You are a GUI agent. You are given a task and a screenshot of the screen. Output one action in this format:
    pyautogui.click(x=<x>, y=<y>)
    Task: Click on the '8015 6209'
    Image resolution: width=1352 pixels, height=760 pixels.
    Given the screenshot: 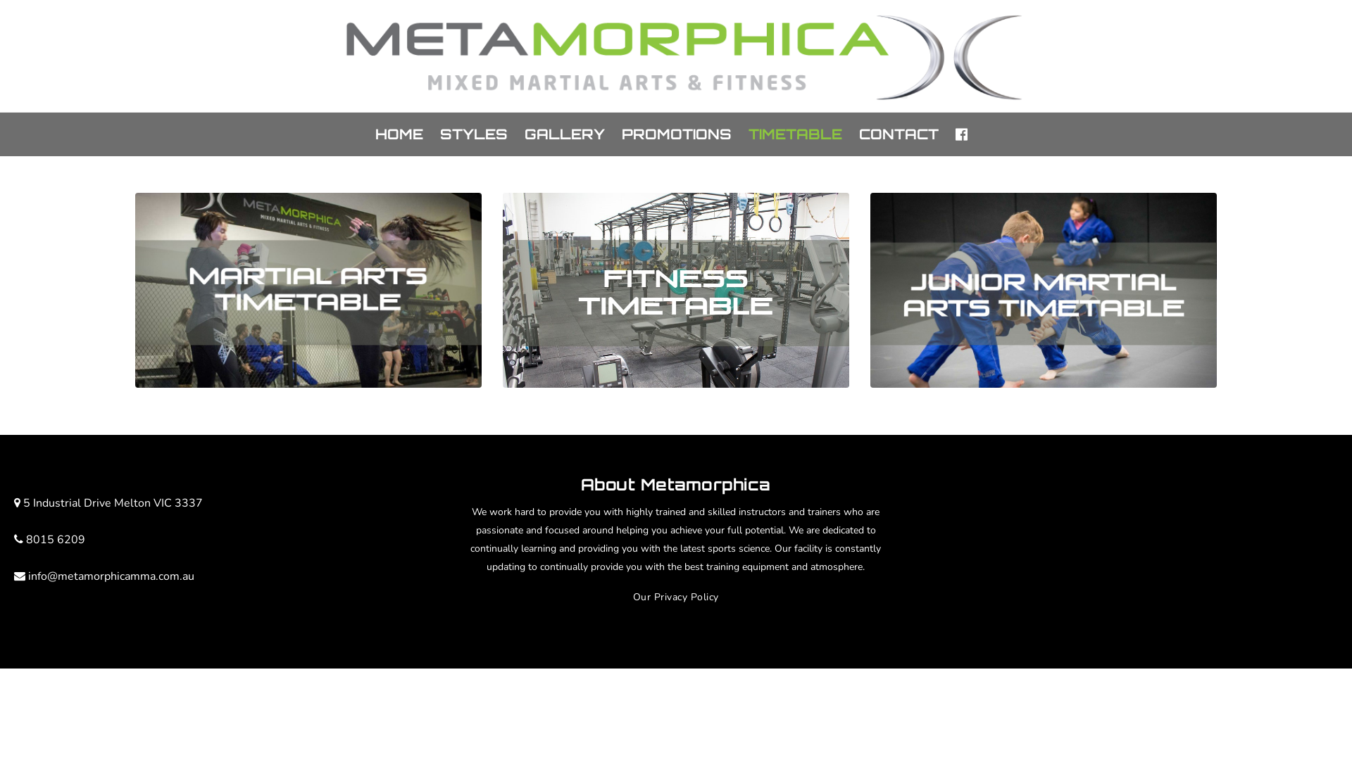 What is the action you would take?
    pyautogui.click(x=55, y=539)
    